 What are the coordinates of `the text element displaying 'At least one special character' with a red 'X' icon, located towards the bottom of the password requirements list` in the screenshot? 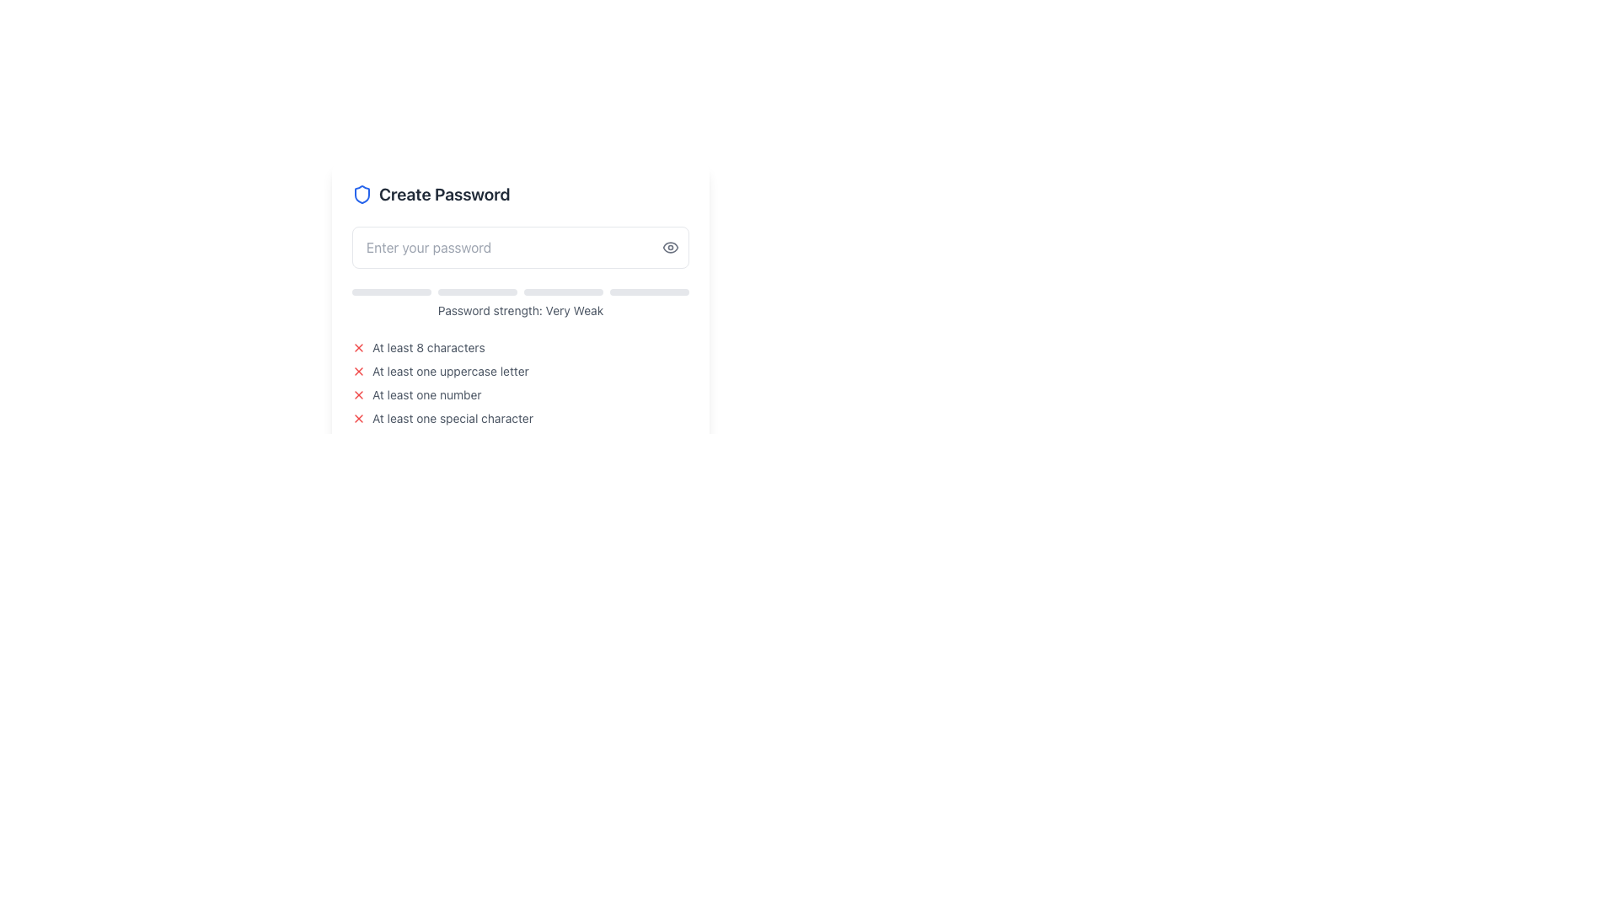 It's located at (520, 418).